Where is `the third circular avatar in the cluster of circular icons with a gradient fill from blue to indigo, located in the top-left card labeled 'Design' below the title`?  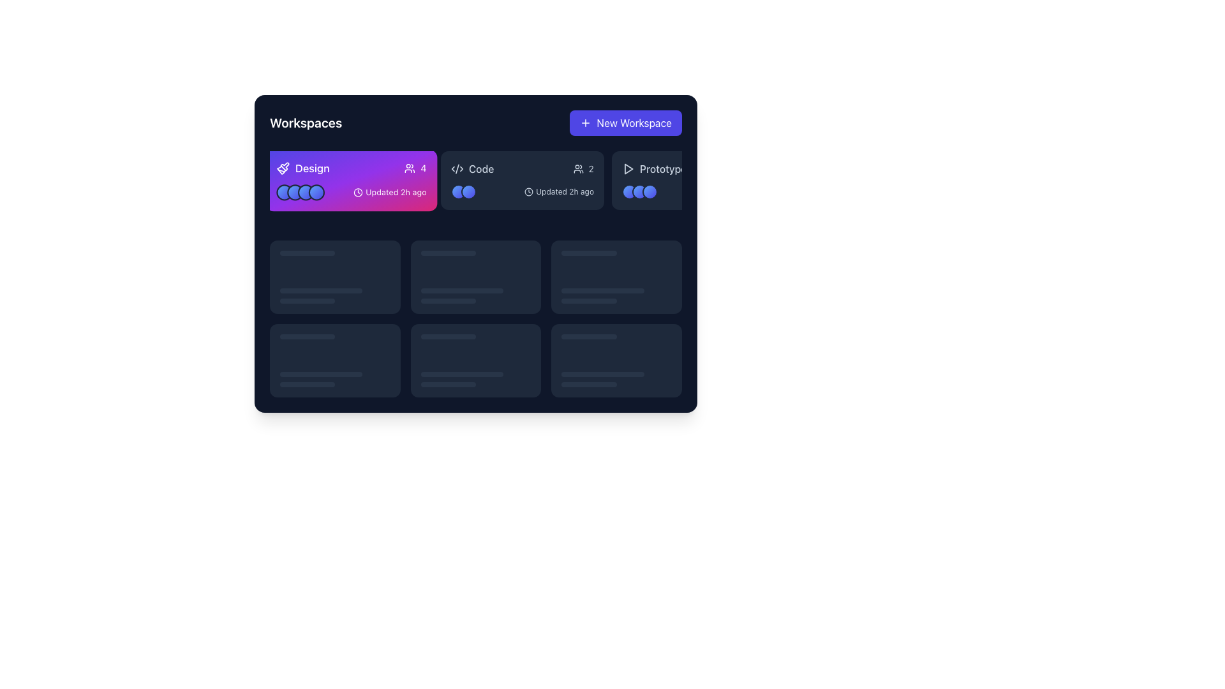 the third circular avatar in the cluster of circular icons with a gradient fill from blue to indigo, located in the top-left card labeled 'Design' below the title is located at coordinates (300, 192).